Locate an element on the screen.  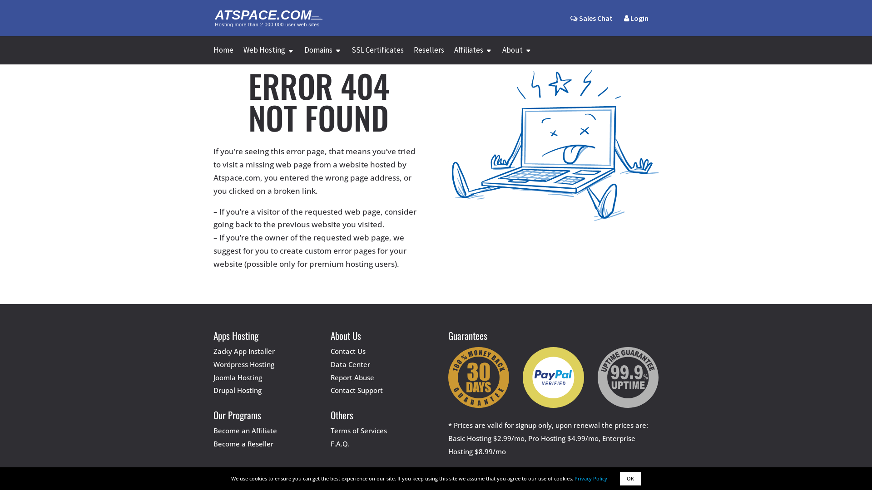
'Web Hosting' is located at coordinates (268, 55).